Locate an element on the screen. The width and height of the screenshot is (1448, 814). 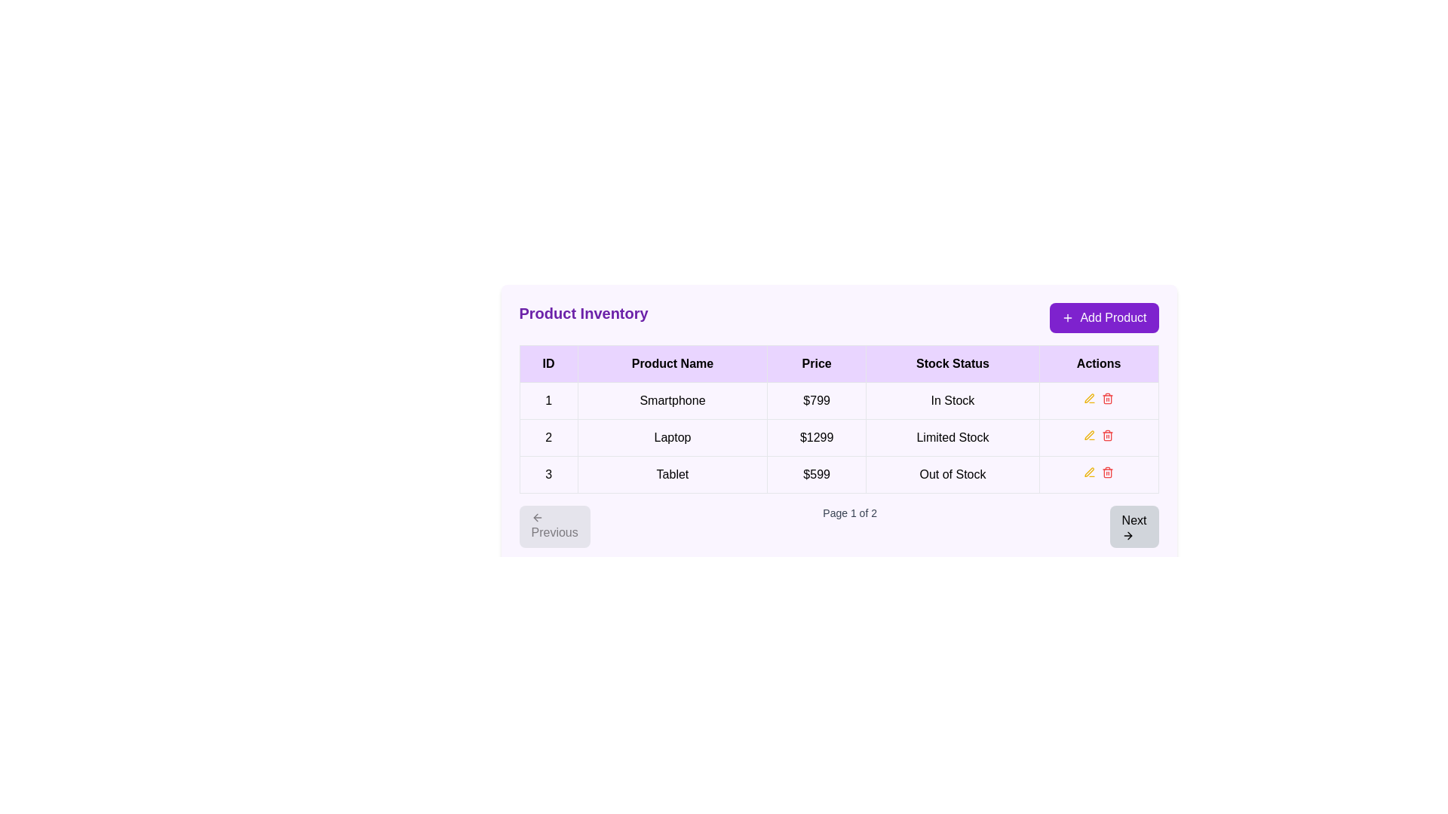
the table cell containing the number '3' in bold, black text, located in the third row of the 'Product Inventory' table under the 'ID' column is located at coordinates (548, 473).